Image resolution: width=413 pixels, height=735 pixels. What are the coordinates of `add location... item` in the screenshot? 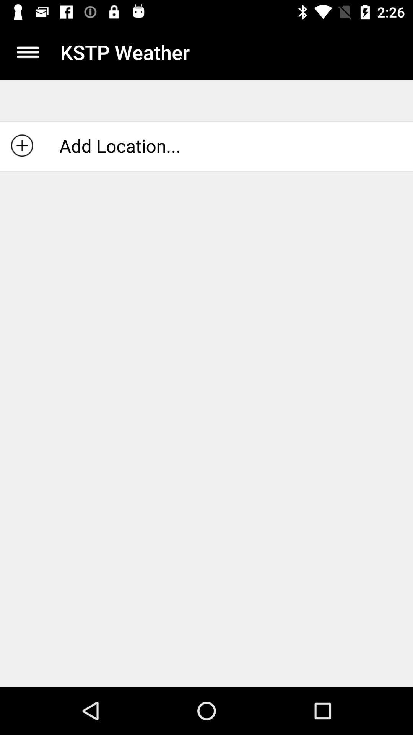 It's located at (206, 145).